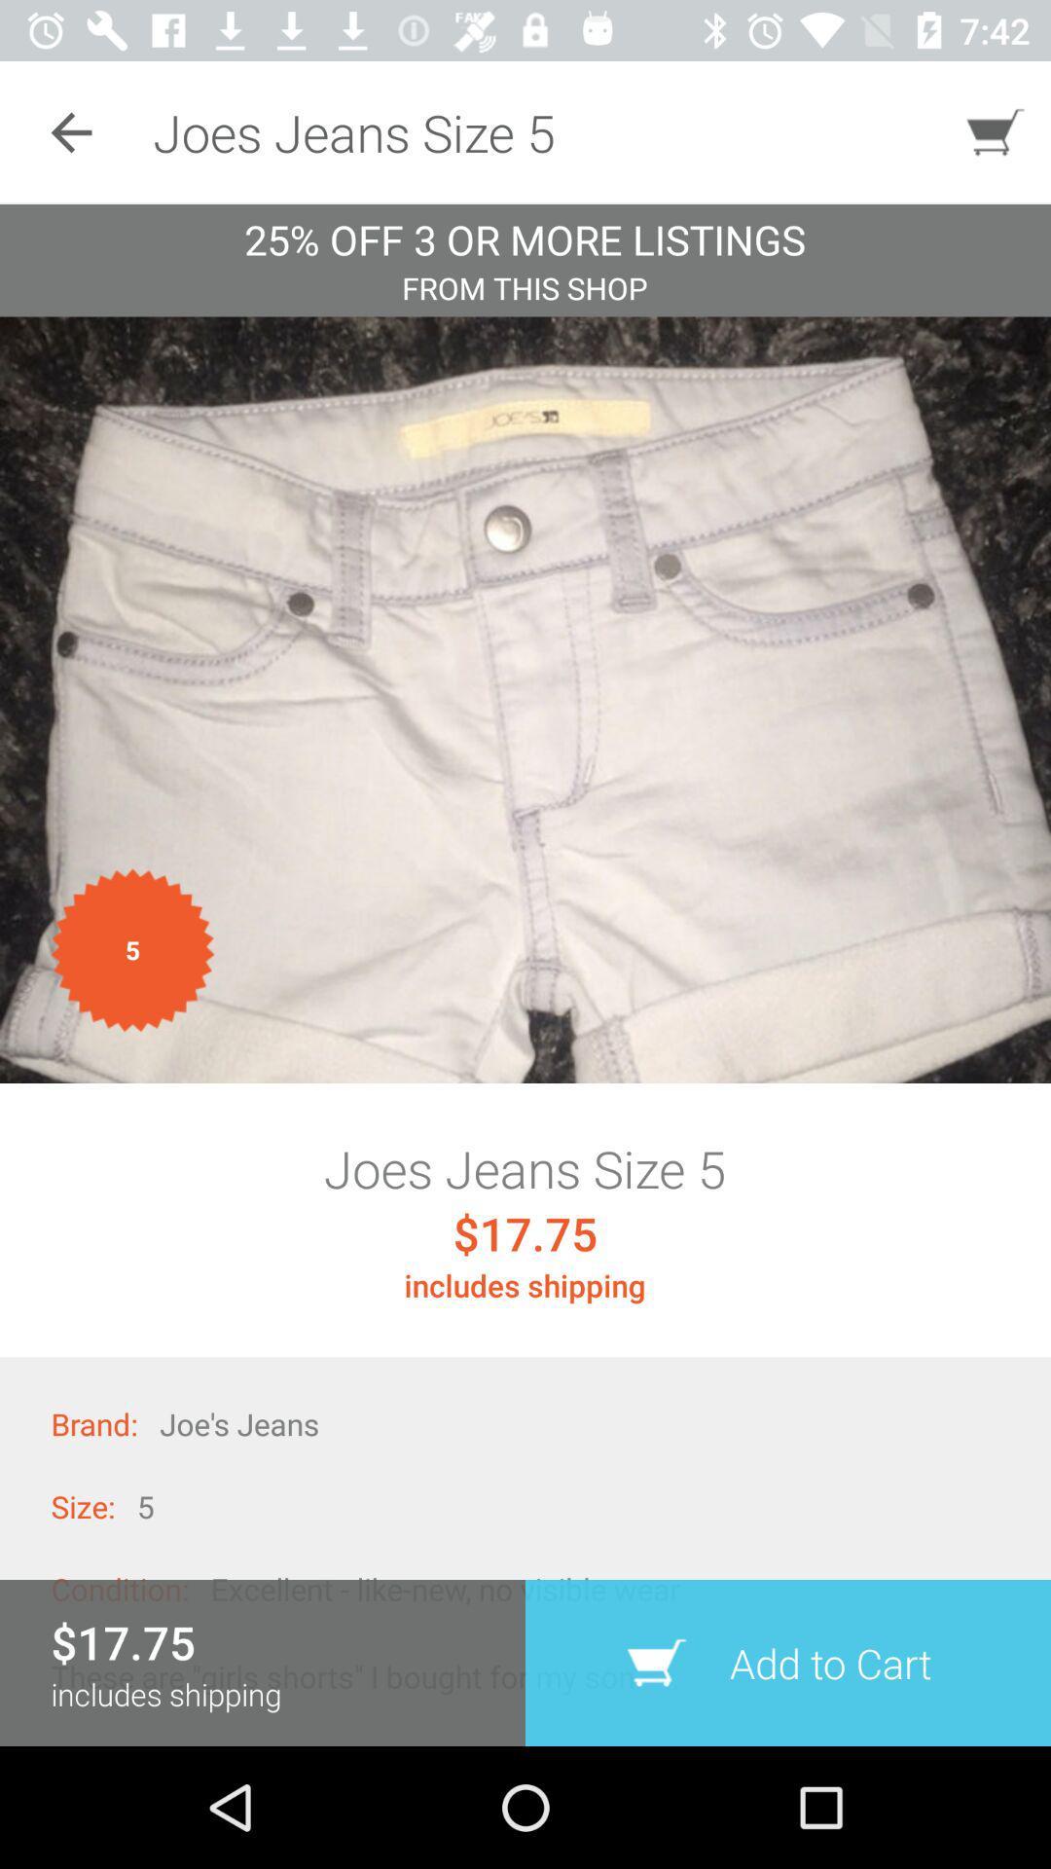 This screenshot has width=1051, height=1869. I want to click on images, so click(525, 700).